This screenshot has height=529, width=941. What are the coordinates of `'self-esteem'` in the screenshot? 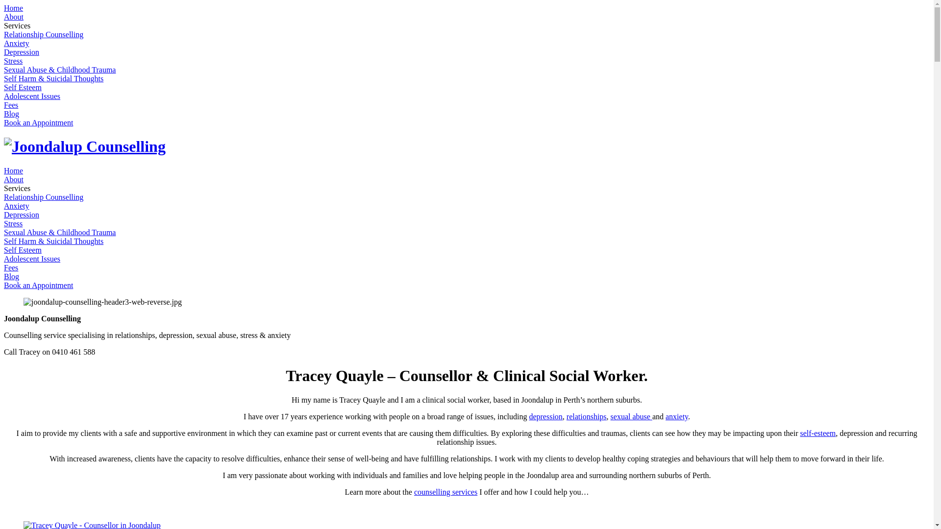 It's located at (817, 433).